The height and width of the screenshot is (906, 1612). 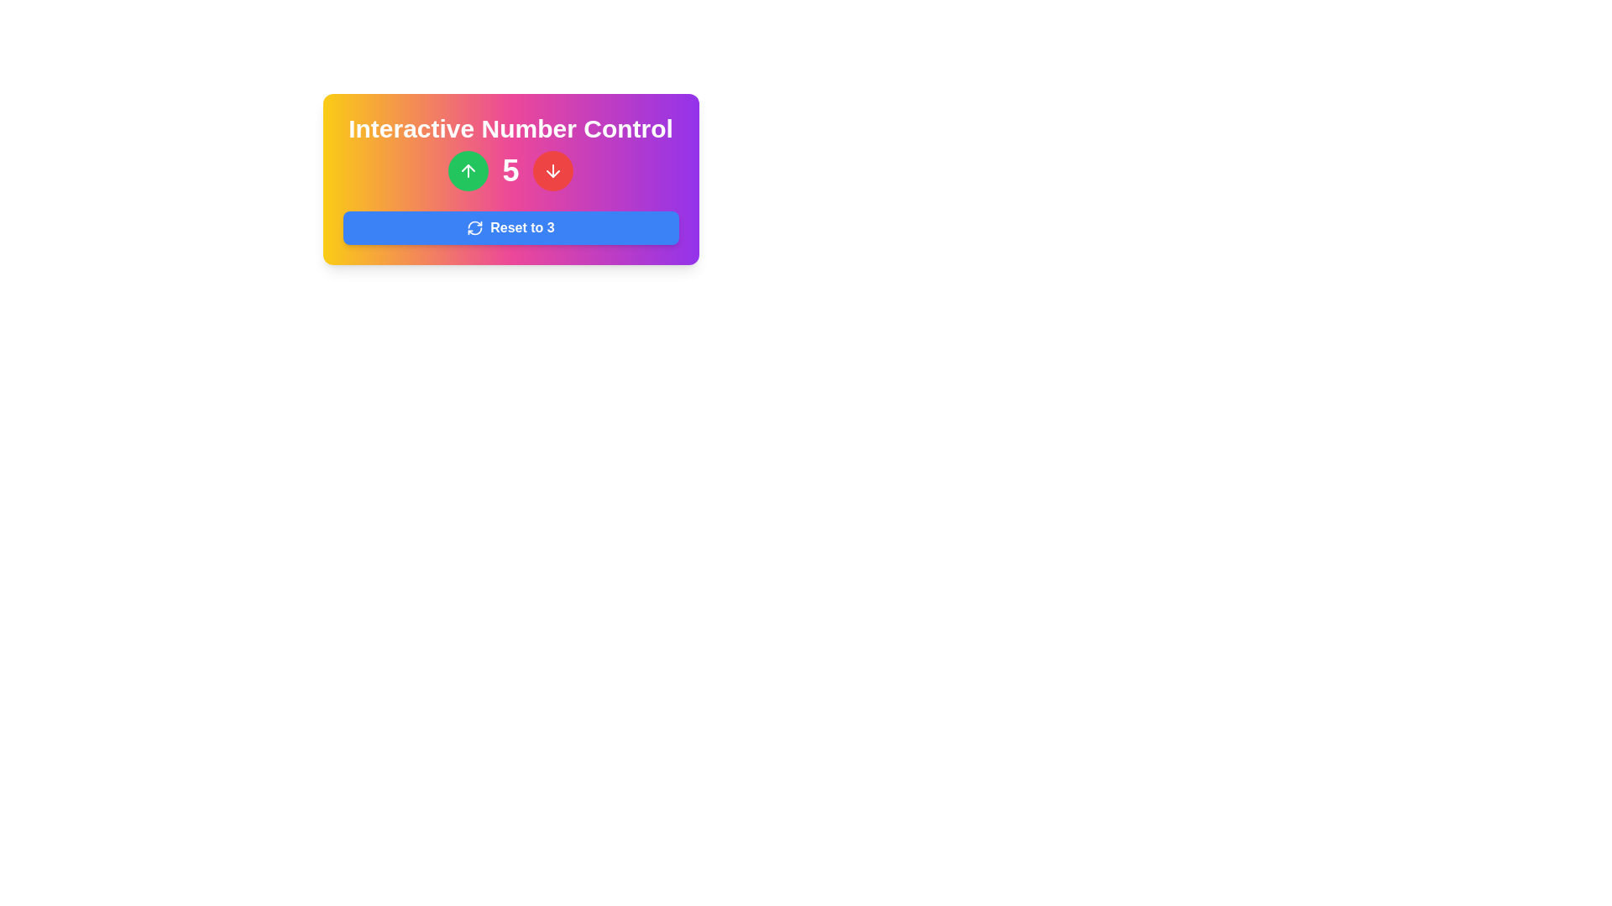 What do you see at coordinates (510, 171) in the screenshot?
I see `the large, bold number '5' displayed centrally on a vibrant gradient background, which is part of the interactive number control component` at bounding box center [510, 171].